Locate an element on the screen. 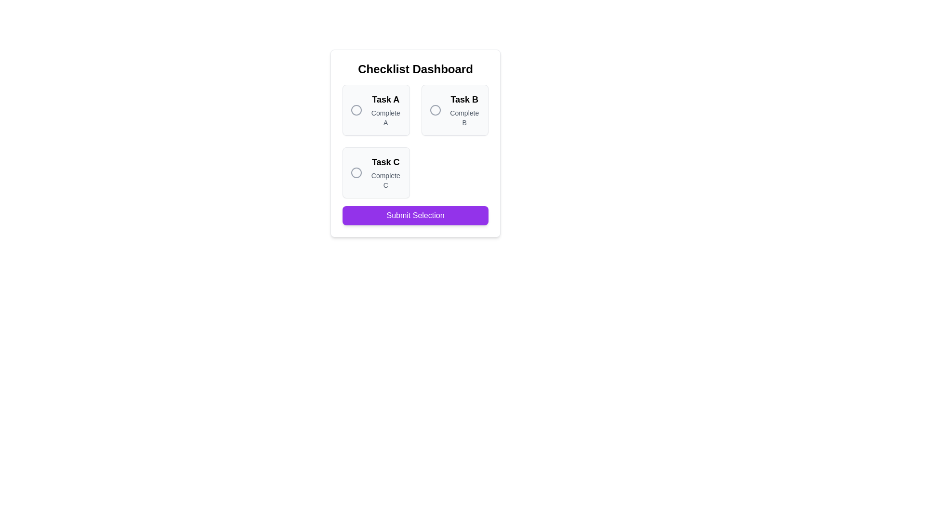  the text label 'Task C', which is bold and larger than surrounding texts, located in the checklist section as the third task item is located at coordinates (385, 161).